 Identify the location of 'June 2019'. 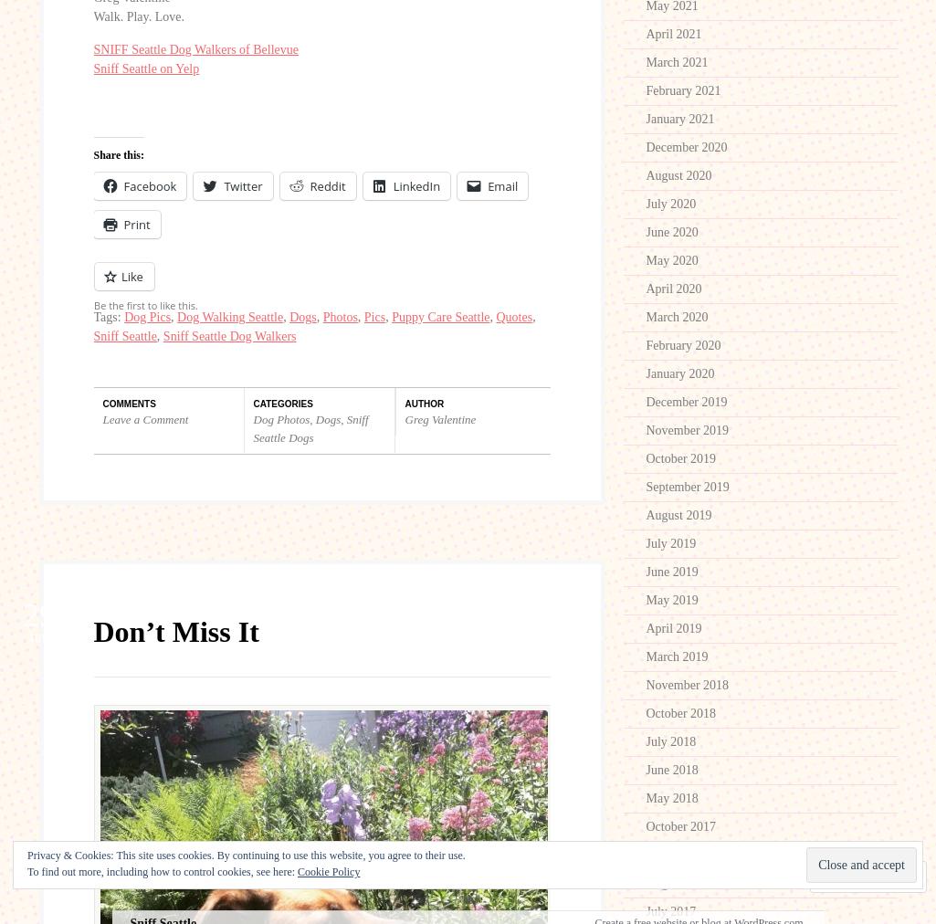
(670, 571).